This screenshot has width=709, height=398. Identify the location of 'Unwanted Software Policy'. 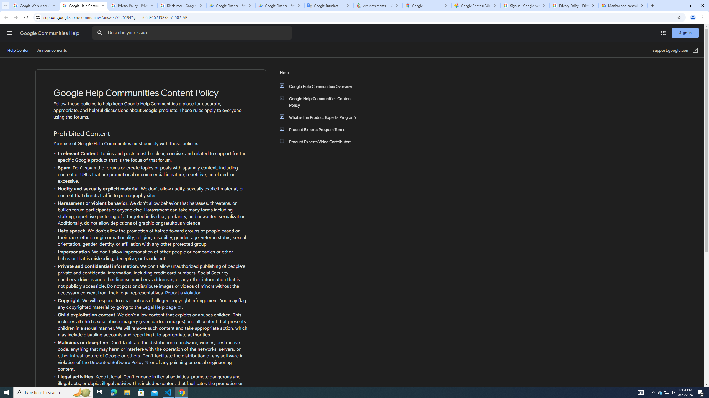
(120, 362).